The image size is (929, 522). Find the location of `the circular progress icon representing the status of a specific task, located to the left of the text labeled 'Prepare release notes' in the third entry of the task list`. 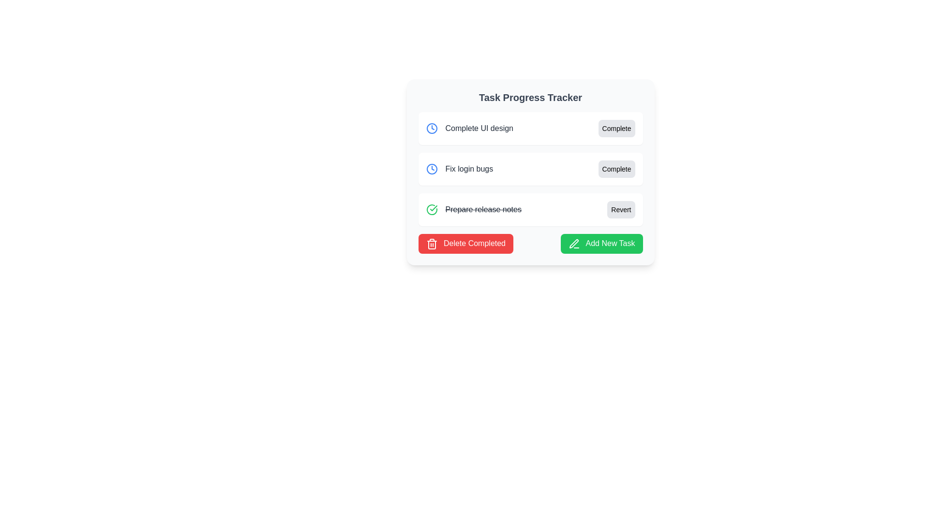

the circular progress icon representing the status of a specific task, located to the left of the text labeled 'Prepare release notes' in the third entry of the task list is located at coordinates (431, 209).